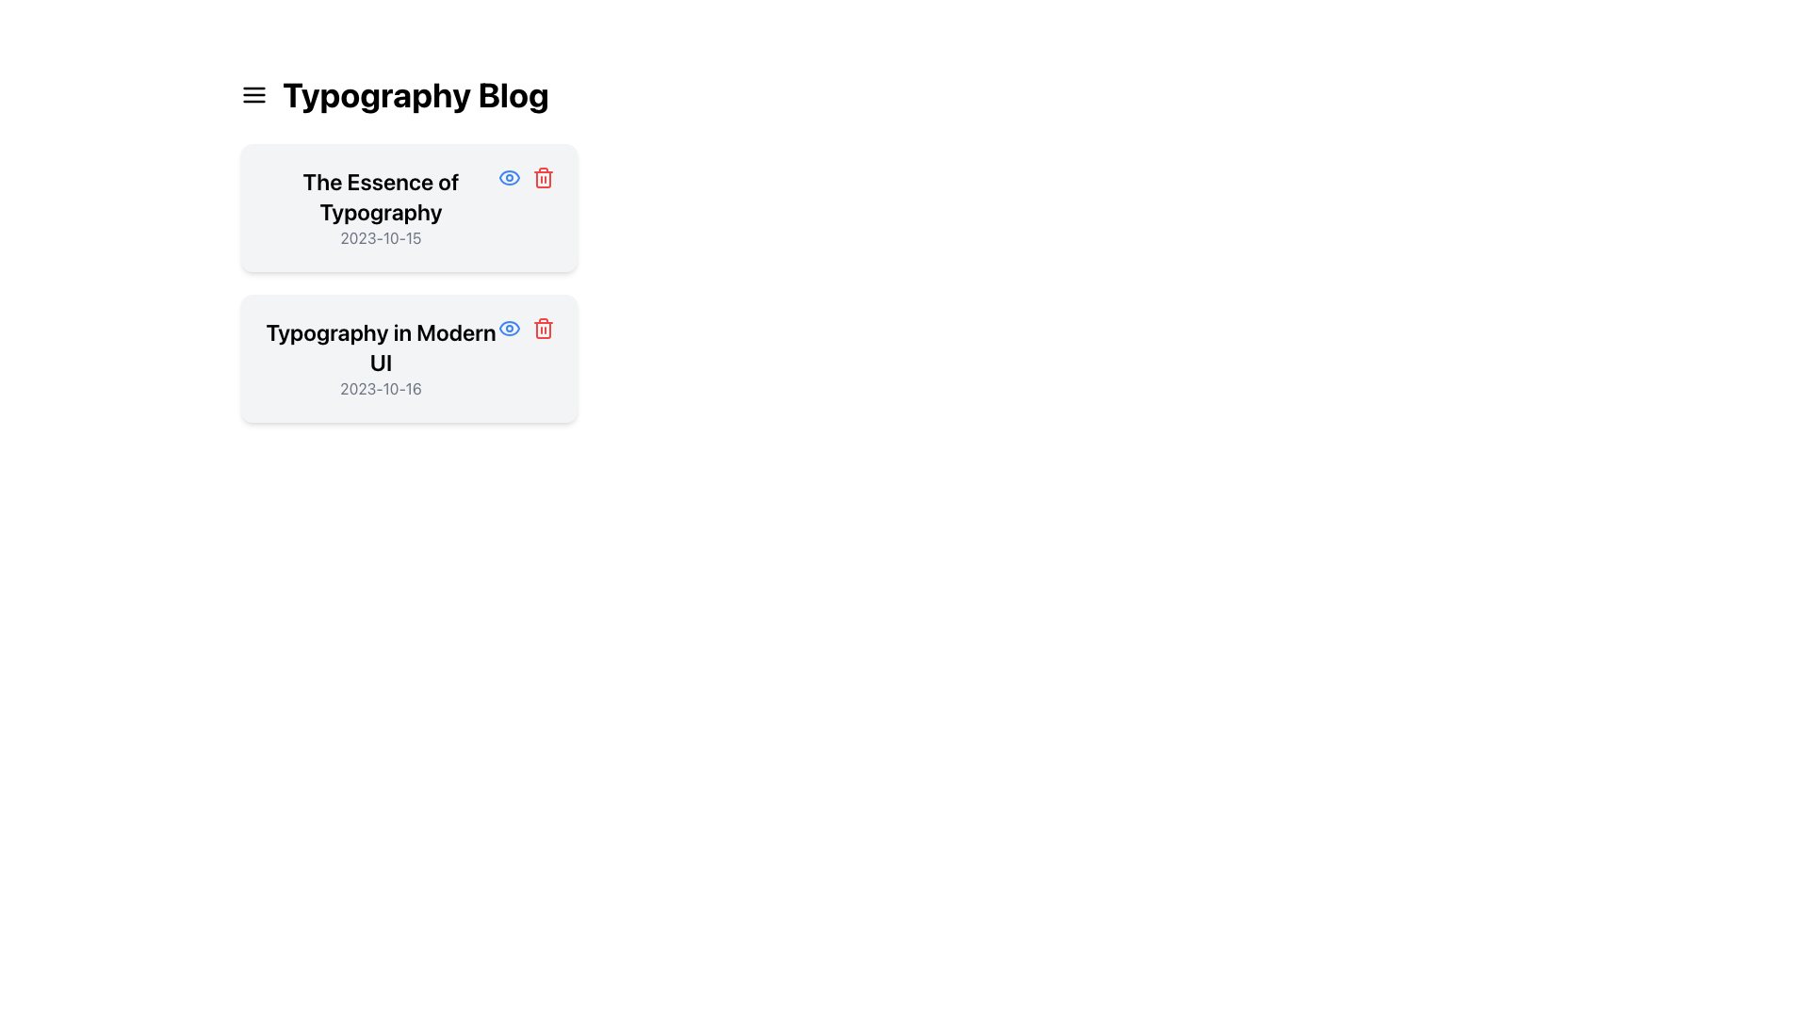  Describe the element at coordinates (526, 327) in the screenshot. I see `the trash bin icon in the interactive icon group` at that location.